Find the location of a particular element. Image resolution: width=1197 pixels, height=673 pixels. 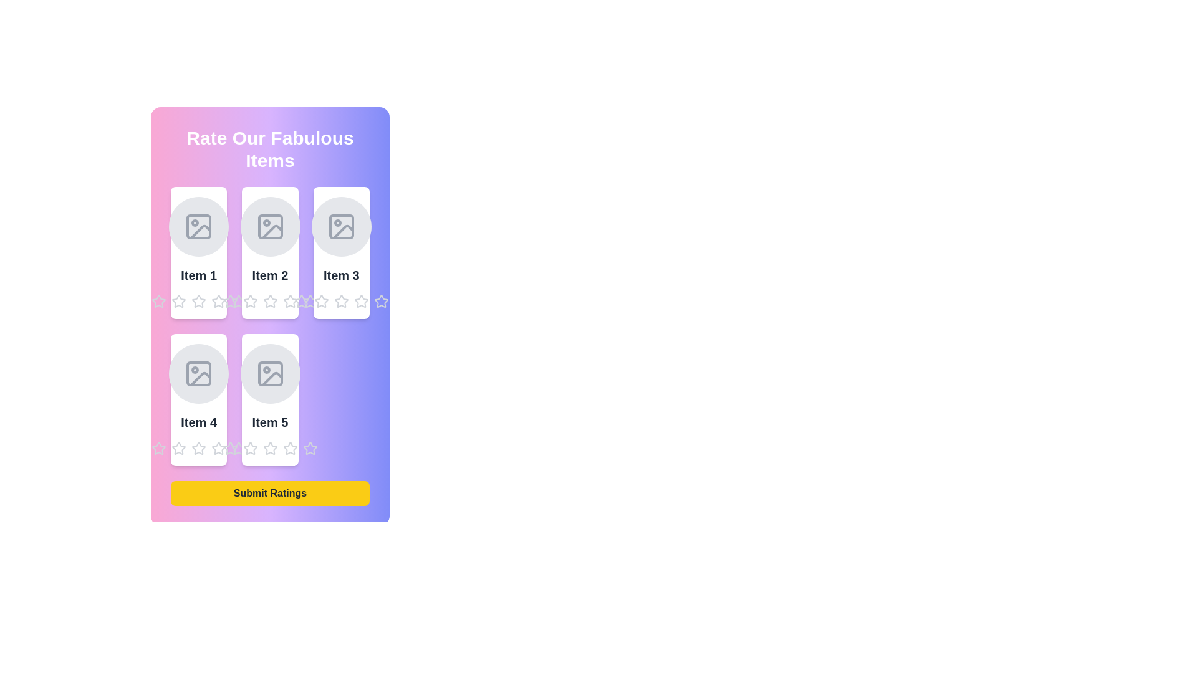

the image placeholder for Item 2 is located at coordinates (269, 226).